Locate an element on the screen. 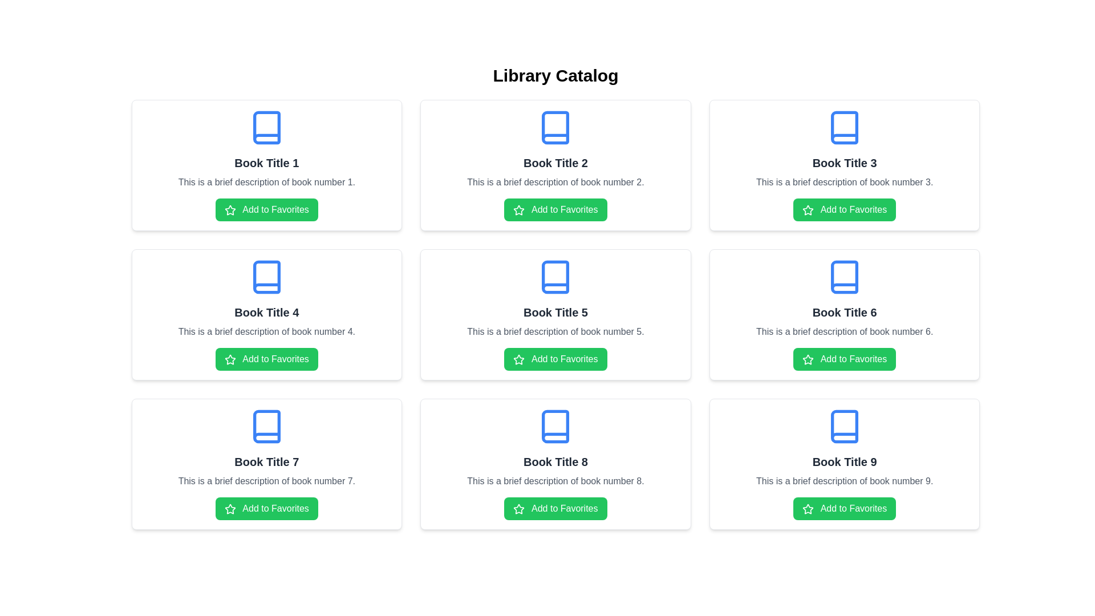 This screenshot has width=1095, height=616. the green 'Add to Favorites' button with a star icon, located below the description of 'Book Title 5' is located at coordinates (555, 358).